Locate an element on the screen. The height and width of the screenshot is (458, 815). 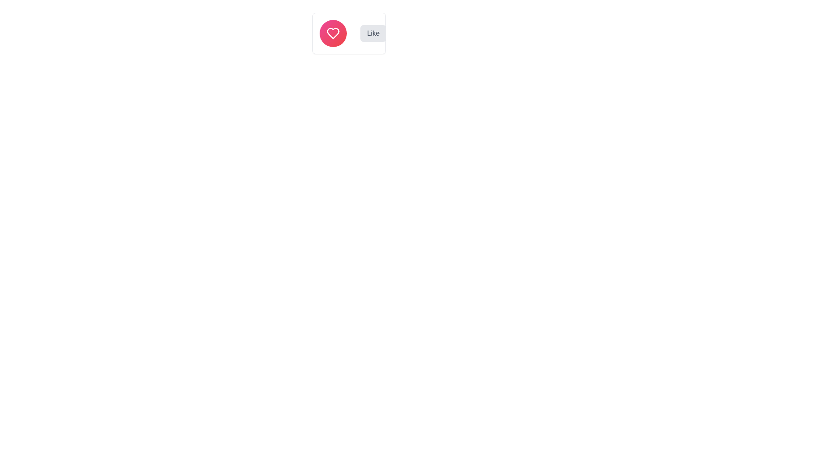
the heart icon, which symbolizes a 'like' or 'favorite' action, to observe potential interaction effects is located at coordinates (333, 33).